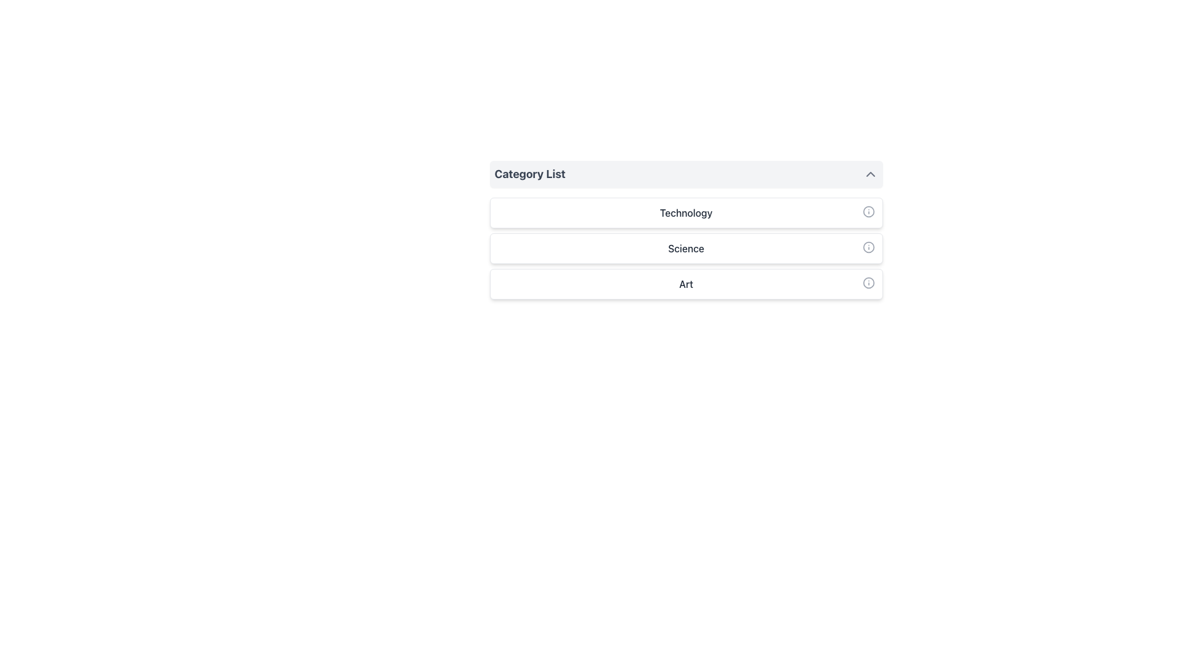  What do you see at coordinates (868, 211) in the screenshot?
I see `the Informational Icon, a circular icon with a gray outline and 'i' shape, located at the top-right corner of the 'Technology' section` at bounding box center [868, 211].